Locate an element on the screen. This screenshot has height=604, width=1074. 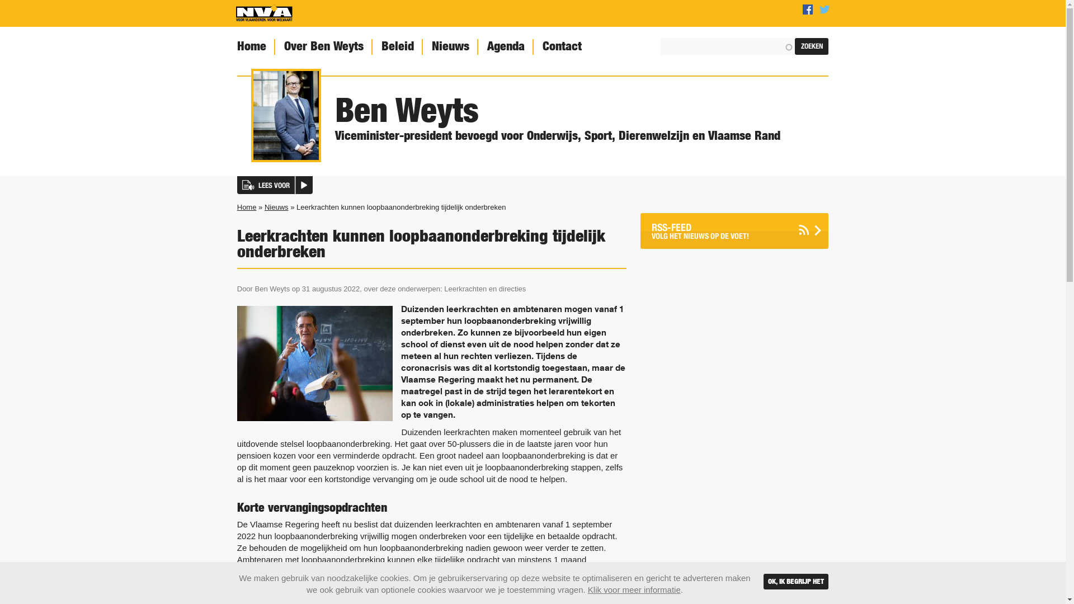
'Over Ben Weyts' is located at coordinates (322, 46).